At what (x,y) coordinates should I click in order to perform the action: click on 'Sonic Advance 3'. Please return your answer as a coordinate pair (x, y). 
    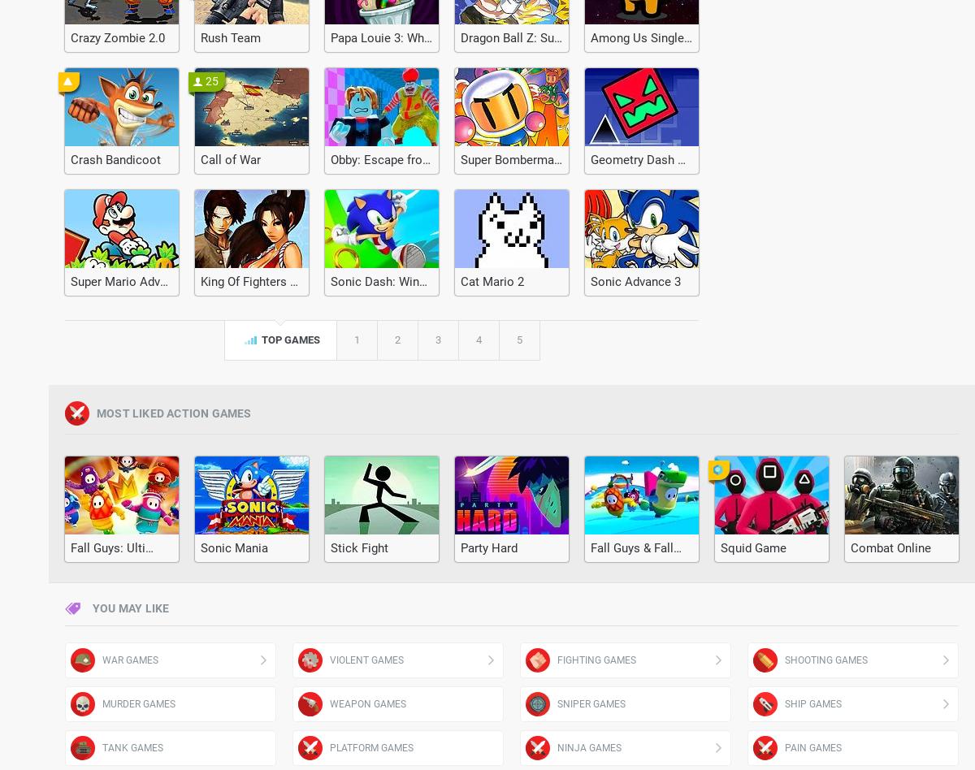
    Looking at the image, I should click on (635, 281).